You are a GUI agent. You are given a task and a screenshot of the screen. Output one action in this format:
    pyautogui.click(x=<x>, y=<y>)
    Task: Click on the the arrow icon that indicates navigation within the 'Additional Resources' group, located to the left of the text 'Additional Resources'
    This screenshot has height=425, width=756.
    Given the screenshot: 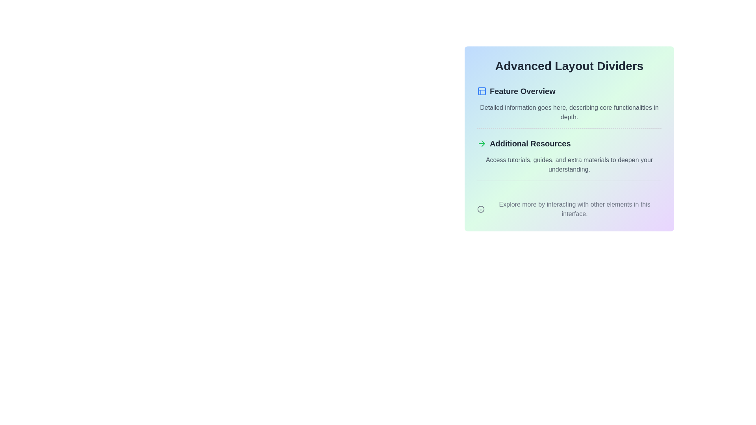 What is the action you would take?
    pyautogui.click(x=482, y=144)
    